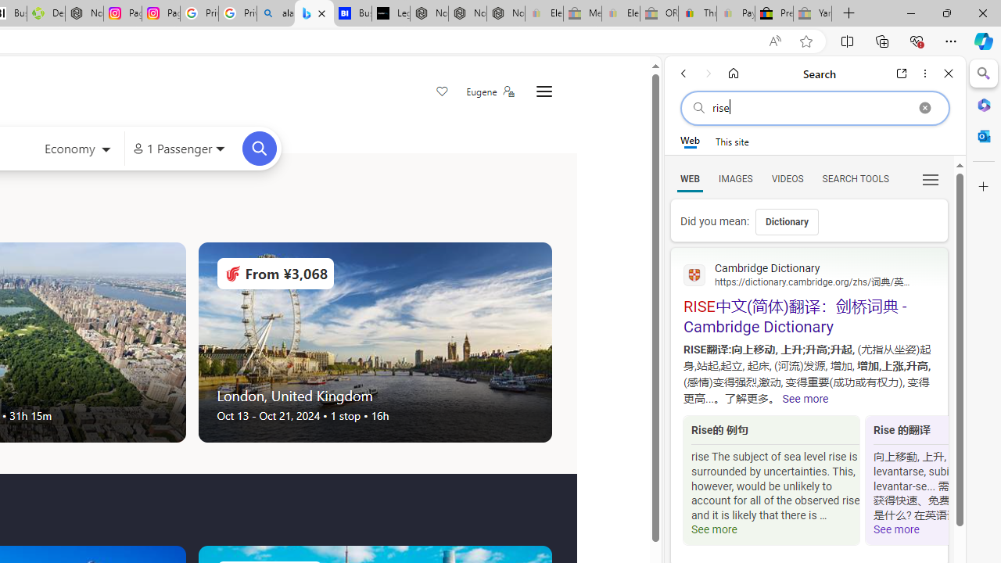 Image resolution: width=1001 pixels, height=563 pixels. Describe the element at coordinates (809, 273) in the screenshot. I see `'Cambridge Dictionary'` at that location.